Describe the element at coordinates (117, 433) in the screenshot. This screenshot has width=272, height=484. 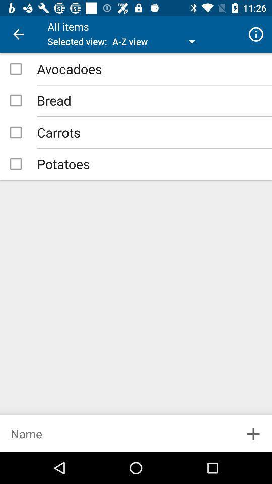
I see `name` at that location.